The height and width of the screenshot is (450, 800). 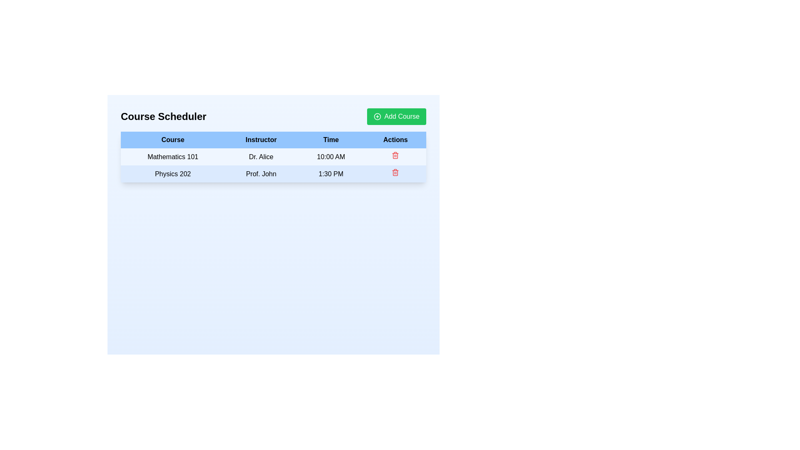 What do you see at coordinates (172, 173) in the screenshot?
I see `the text label containing 'Physics 202', which is styled in black text on a light blue background, located in the 'Course' column of the second row of the table` at bounding box center [172, 173].